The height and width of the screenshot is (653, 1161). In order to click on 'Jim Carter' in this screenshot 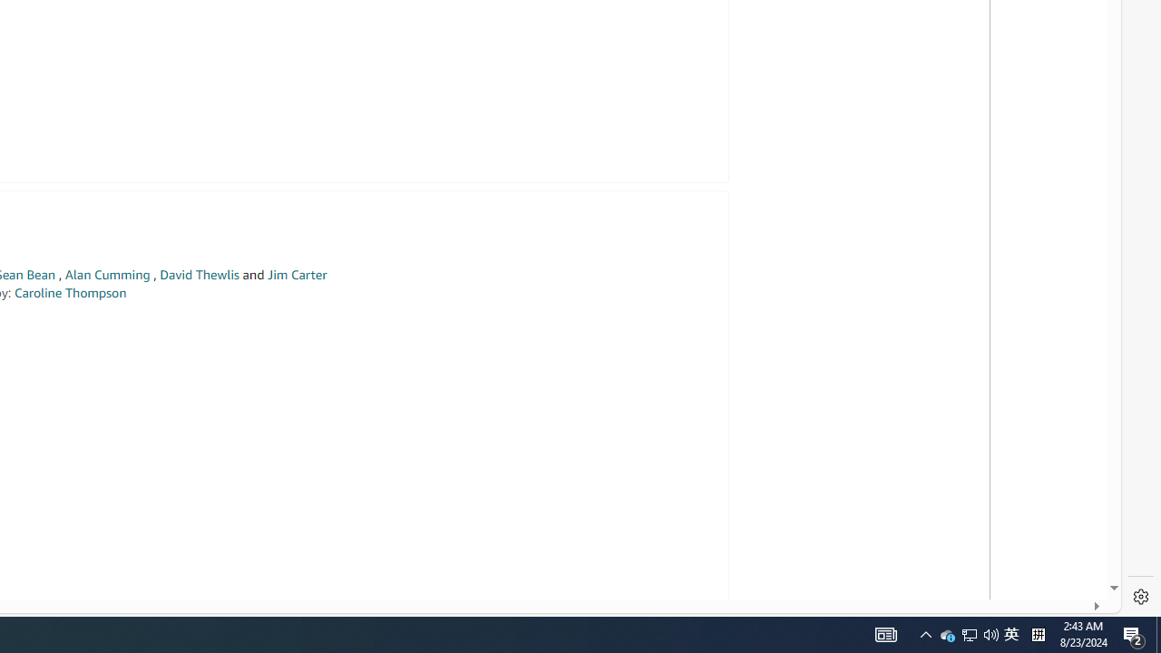, I will do `click(297, 275)`.